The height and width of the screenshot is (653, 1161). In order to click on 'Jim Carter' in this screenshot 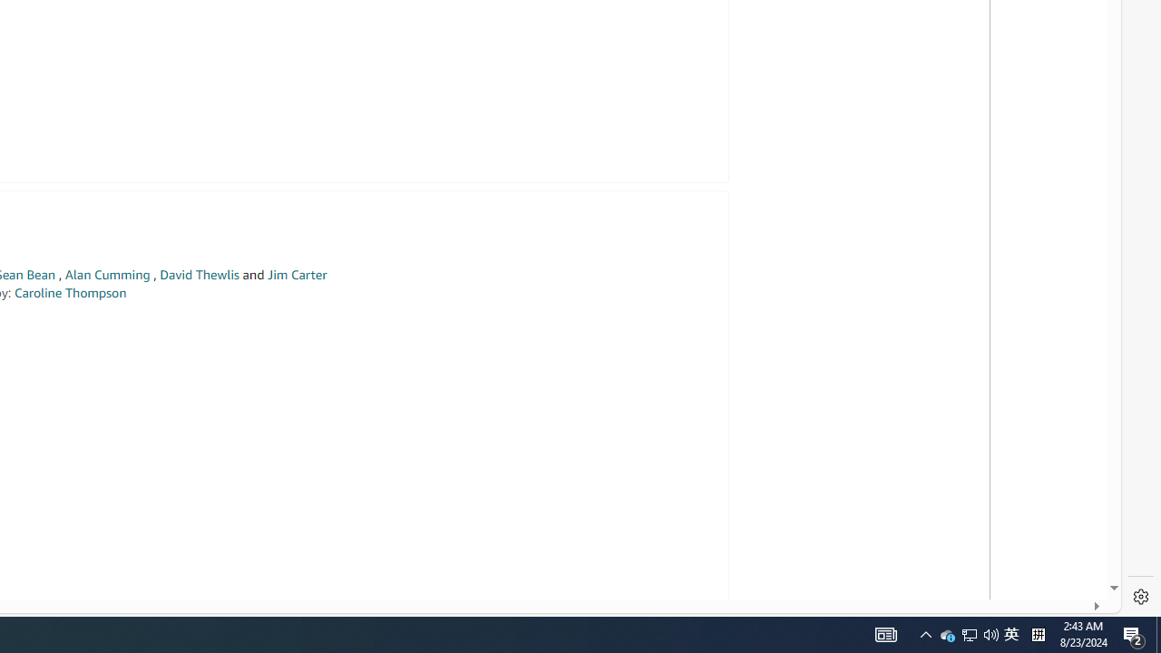, I will do `click(297, 275)`.